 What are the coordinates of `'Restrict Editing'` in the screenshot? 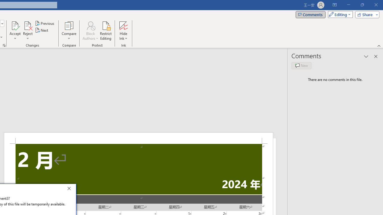 It's located at (106, 31).